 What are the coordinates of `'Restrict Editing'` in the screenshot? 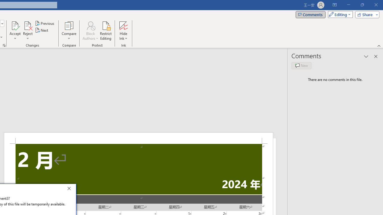 It's located at (106, 31).